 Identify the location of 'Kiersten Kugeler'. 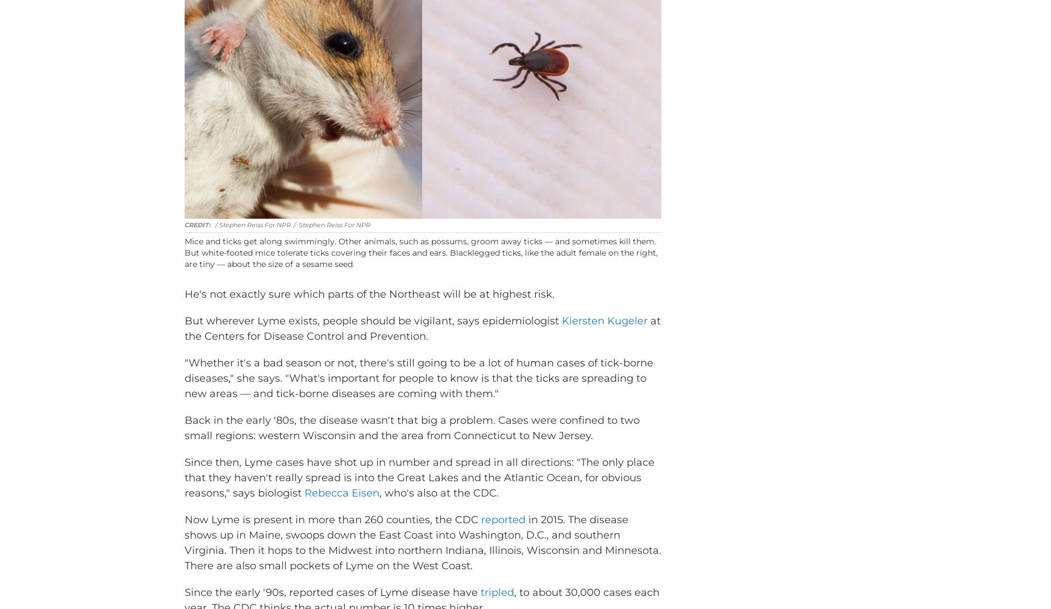
(604, 336).